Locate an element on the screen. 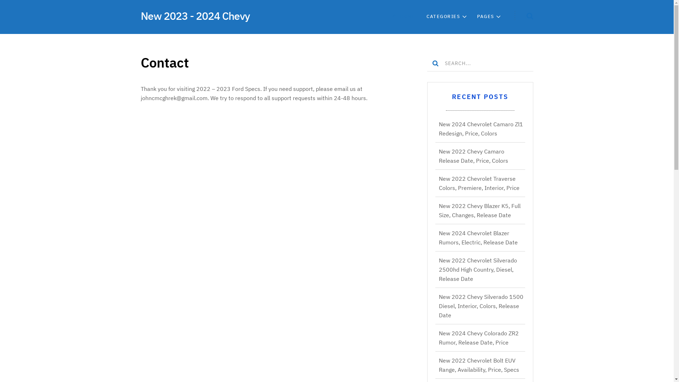  'New 2022 Chevy Blazer K5, Full Size, Changes, Release Date' is located at coordinates (479, 210).